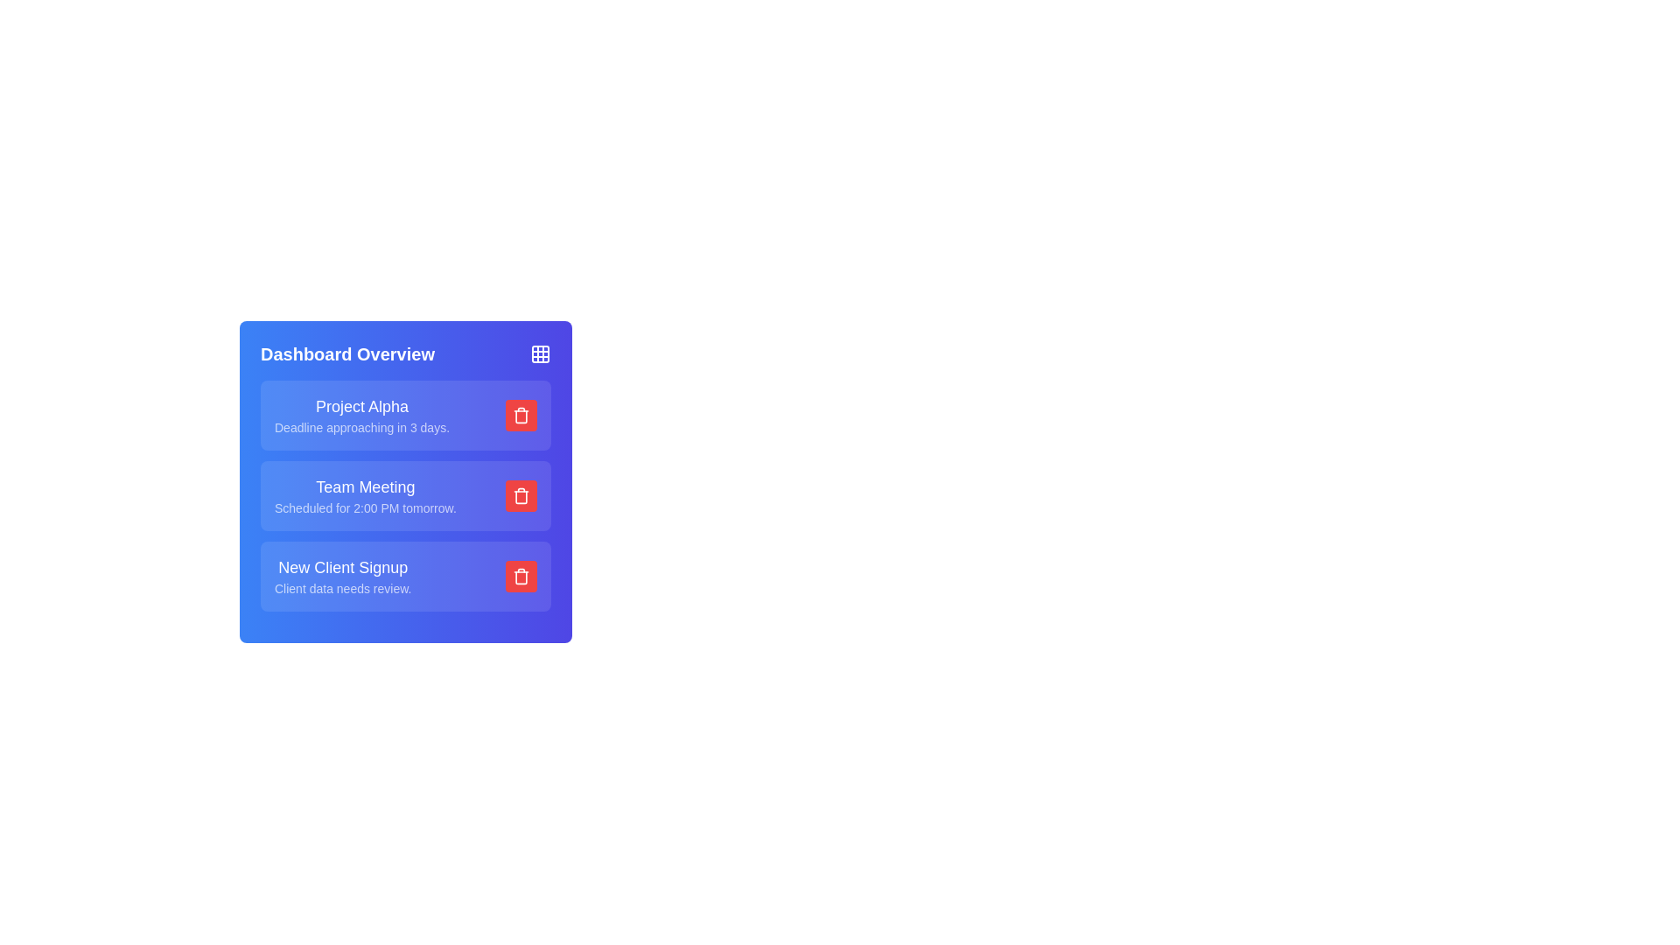 This screenshot has height=945, width=1680. I want to click on the decorative rectangle that is part of the grid-like icon located in the top-right corner of the 'Dashboard Overview' panel, so click(540, 354).